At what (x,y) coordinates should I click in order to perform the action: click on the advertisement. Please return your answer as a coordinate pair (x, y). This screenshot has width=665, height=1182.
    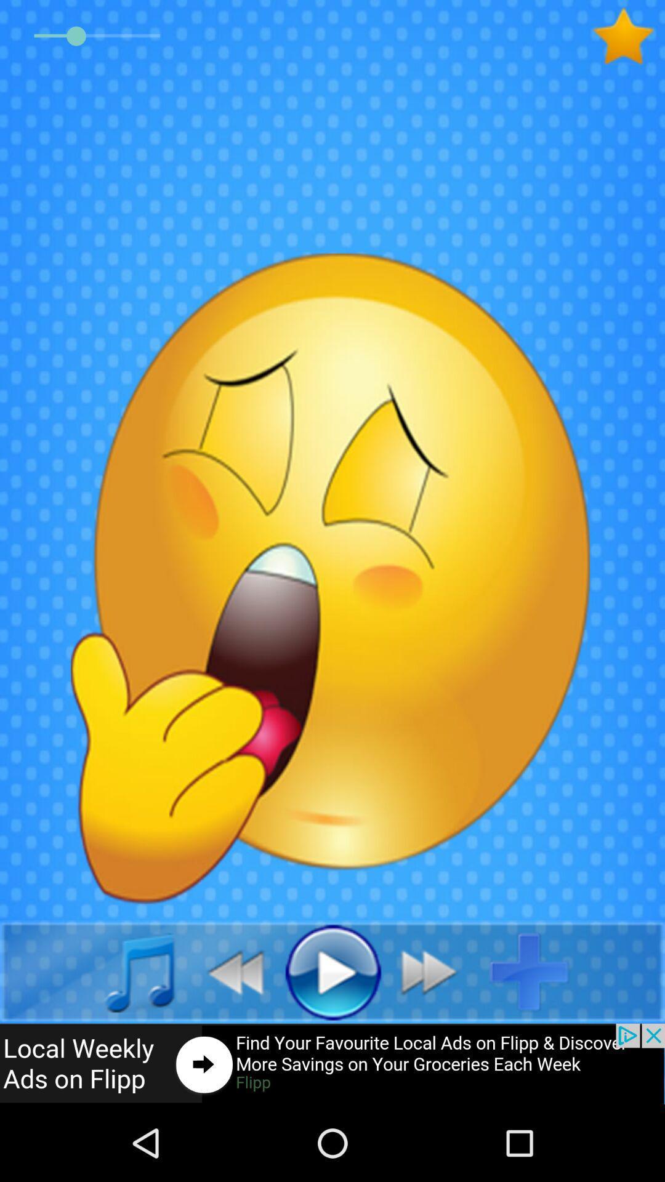
    Looking at the image, I should click on (332, 1063).